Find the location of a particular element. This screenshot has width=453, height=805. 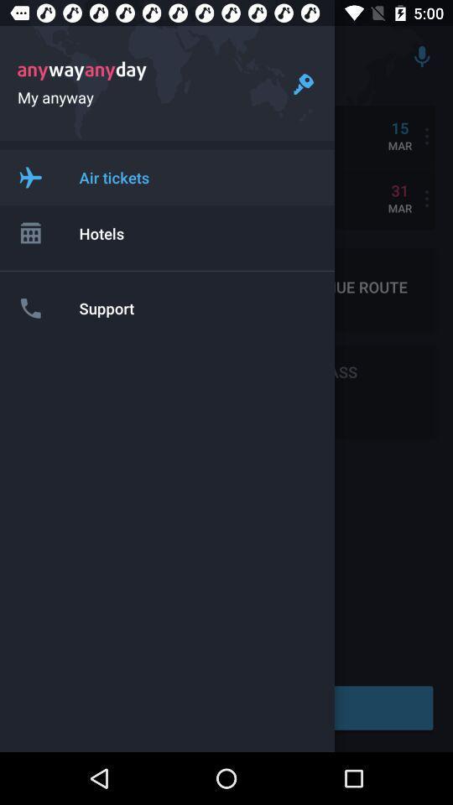

the text which is immediately below hotels is located at coordinates (120, 288).